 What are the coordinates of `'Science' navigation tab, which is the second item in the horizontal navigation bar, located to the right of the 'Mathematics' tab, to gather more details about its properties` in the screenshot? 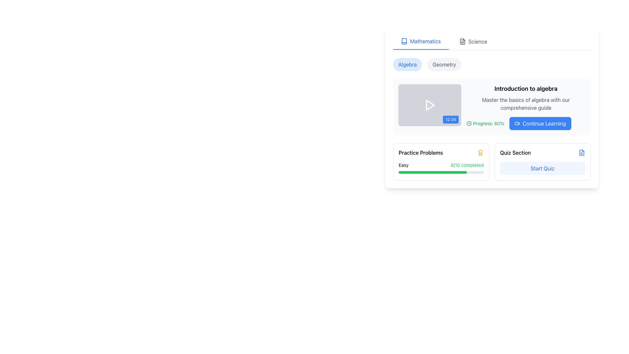 It's located at (473, 42).